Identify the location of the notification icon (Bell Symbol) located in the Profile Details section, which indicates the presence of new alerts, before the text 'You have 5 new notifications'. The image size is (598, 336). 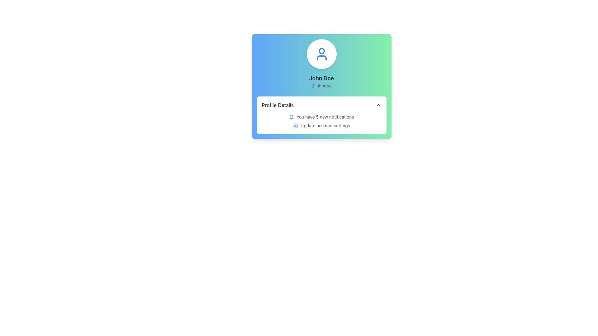
(291, 117).